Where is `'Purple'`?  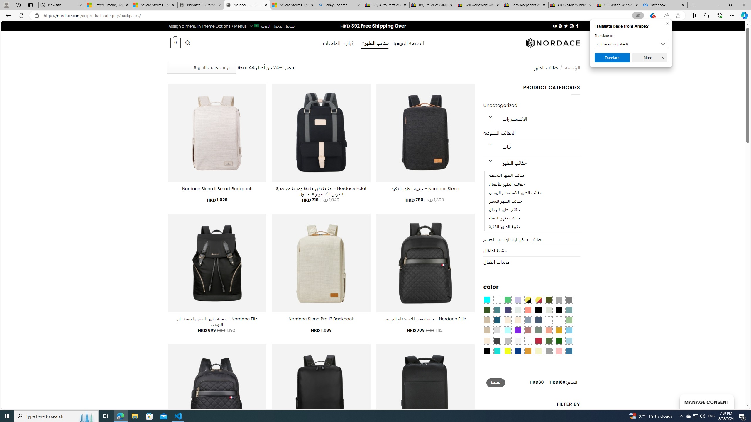 'Purple' is located at coordinates (518, 330).